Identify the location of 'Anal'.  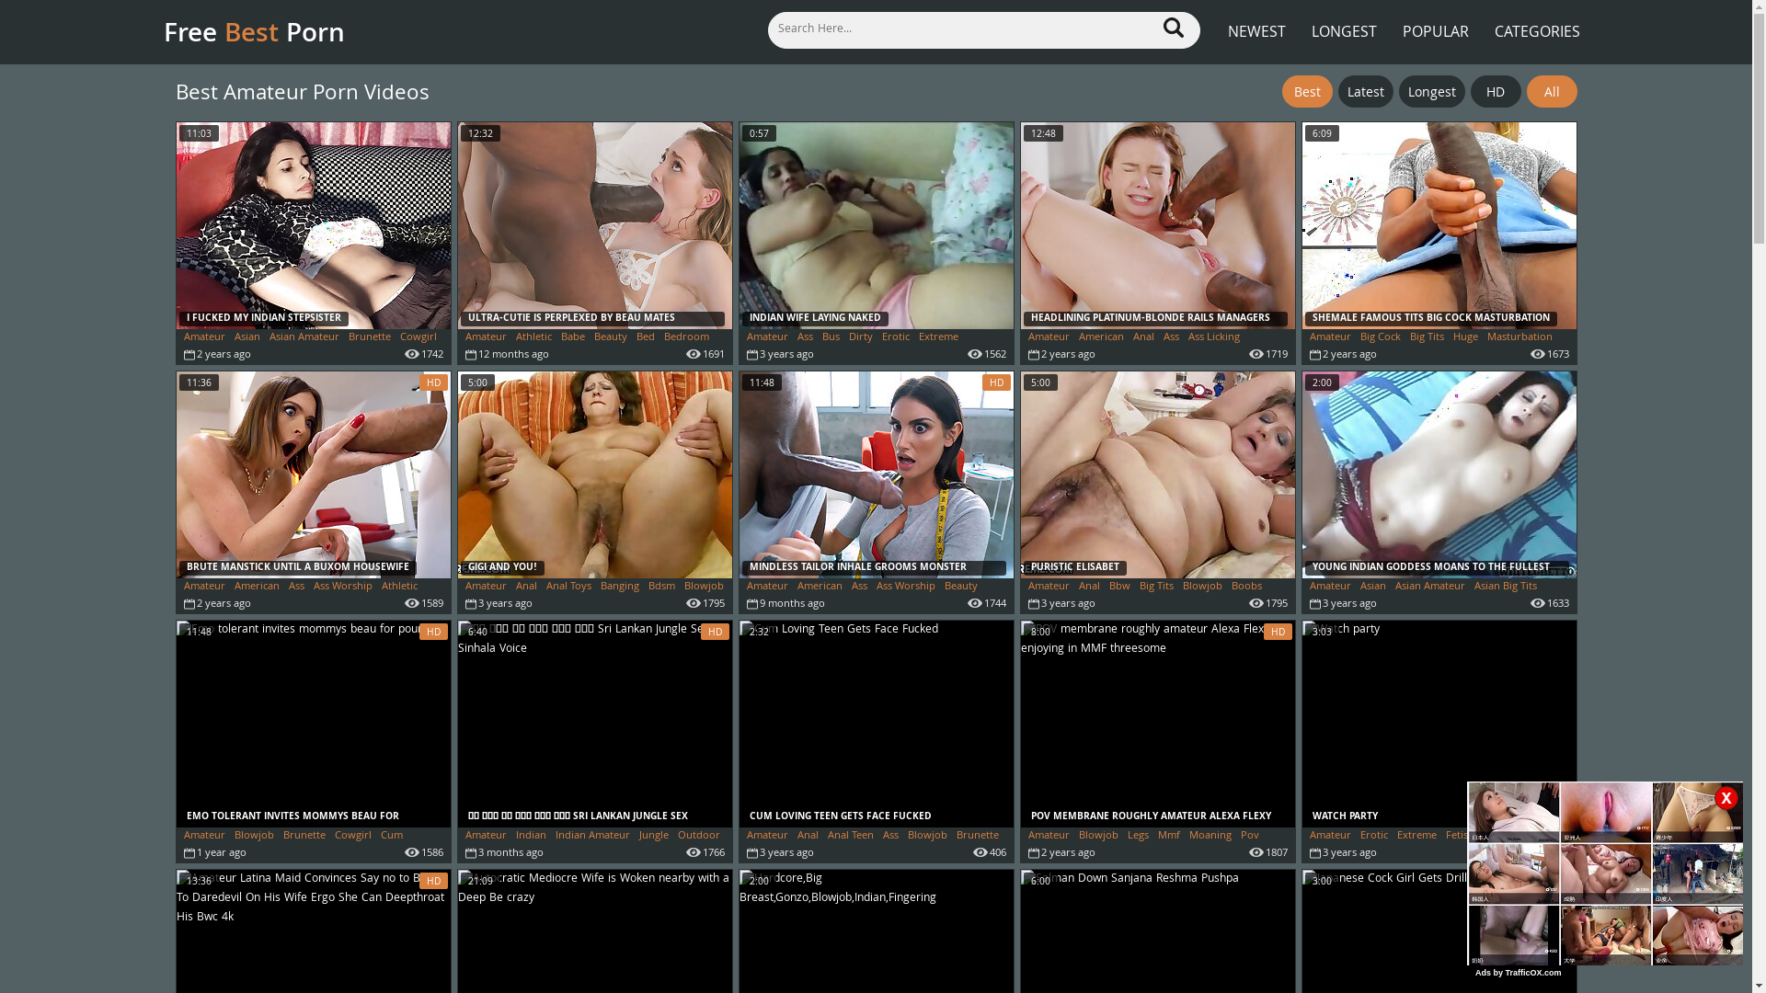
(1077, 587).